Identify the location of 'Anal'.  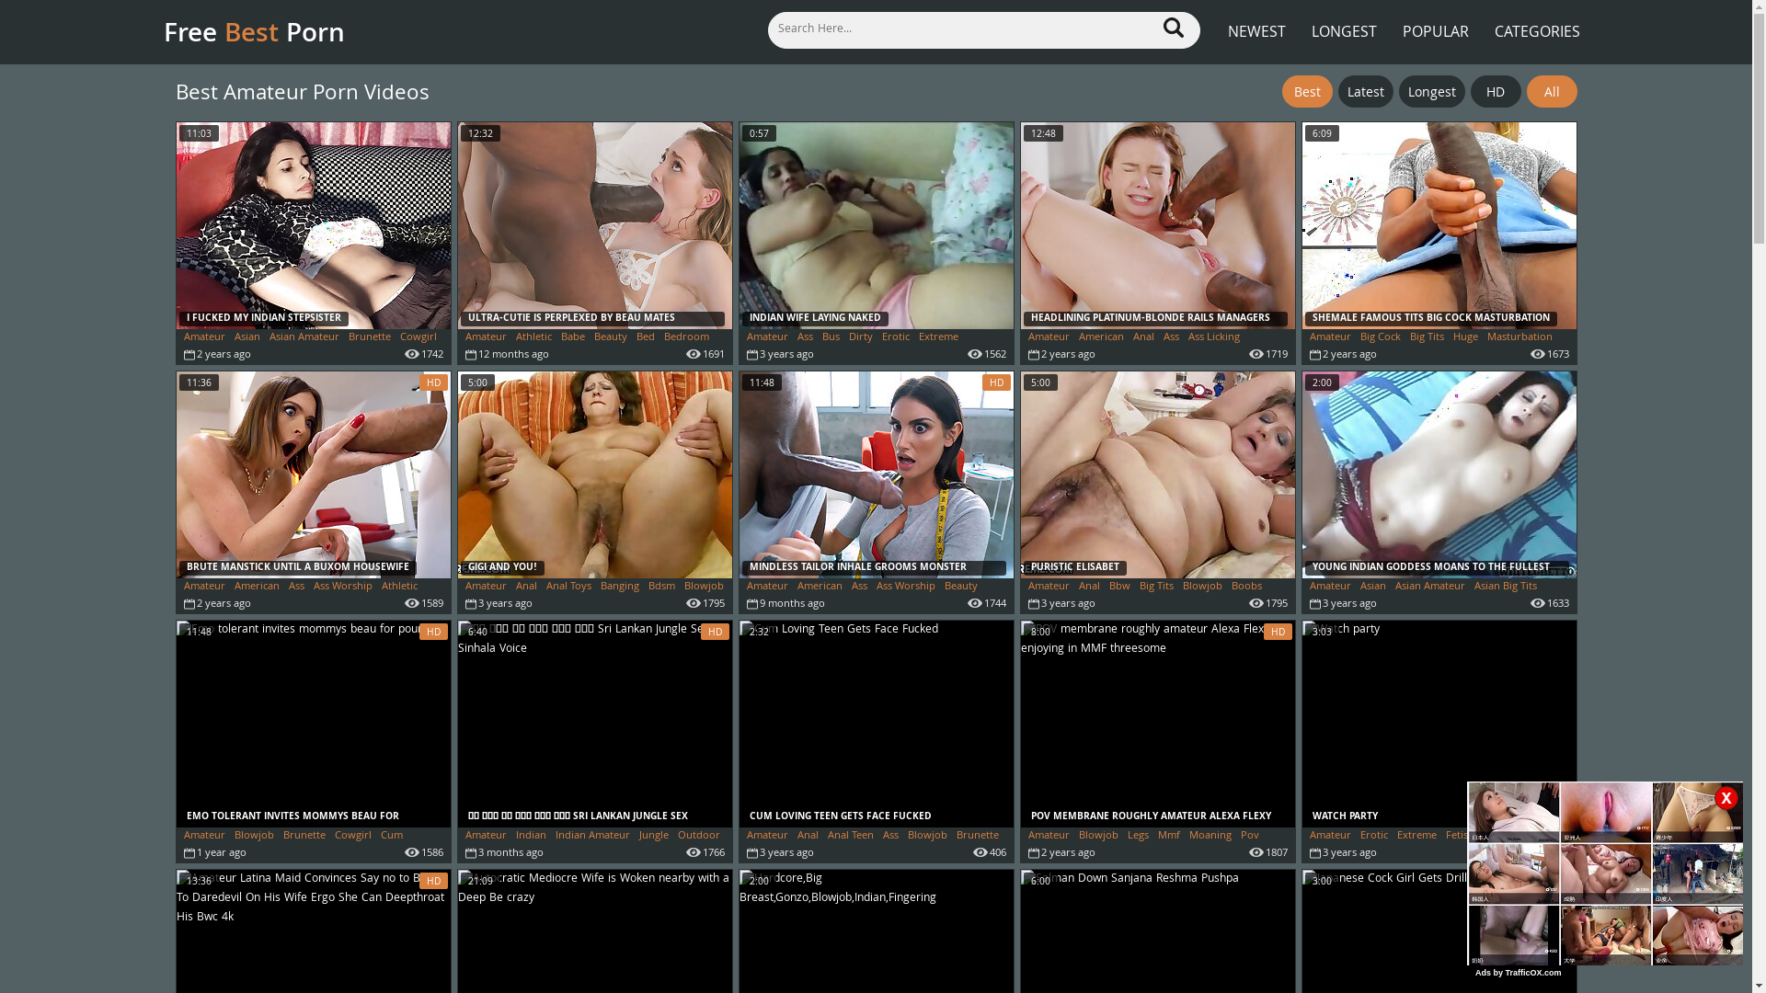
(1077, 587).